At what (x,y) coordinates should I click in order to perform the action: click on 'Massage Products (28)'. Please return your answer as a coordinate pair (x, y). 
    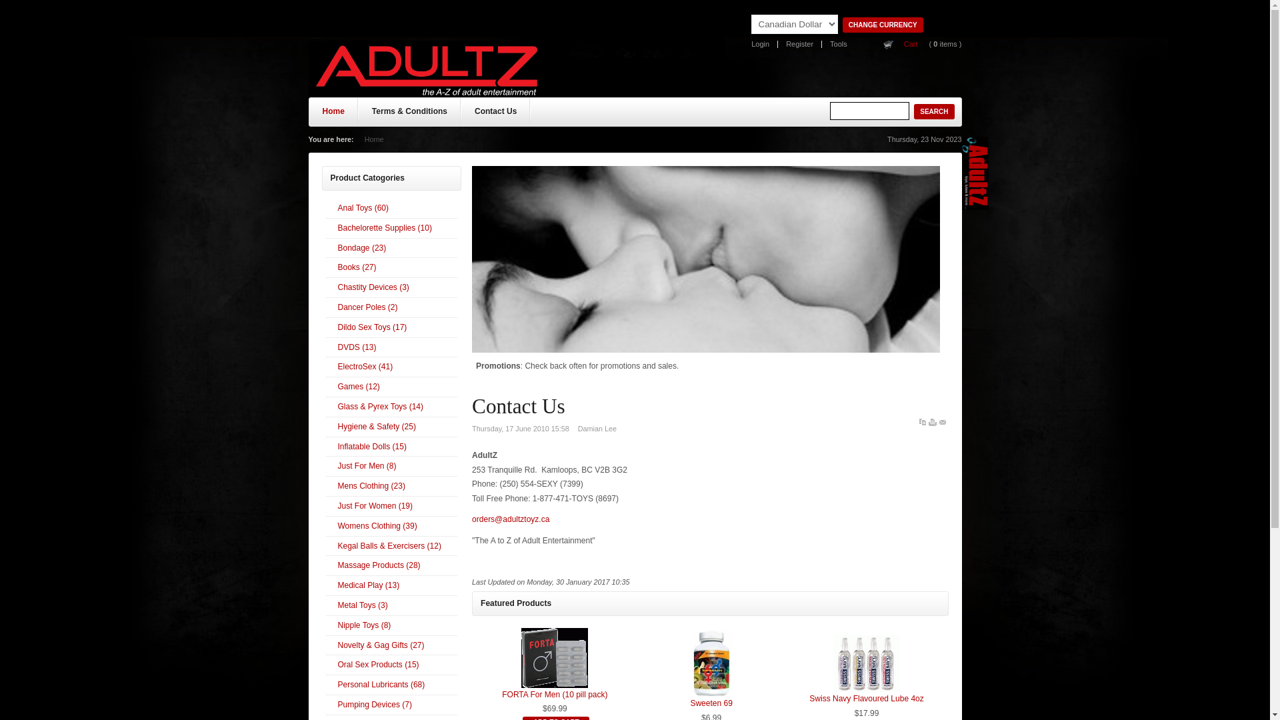
    Looking at the image, I should click on (325, 565).